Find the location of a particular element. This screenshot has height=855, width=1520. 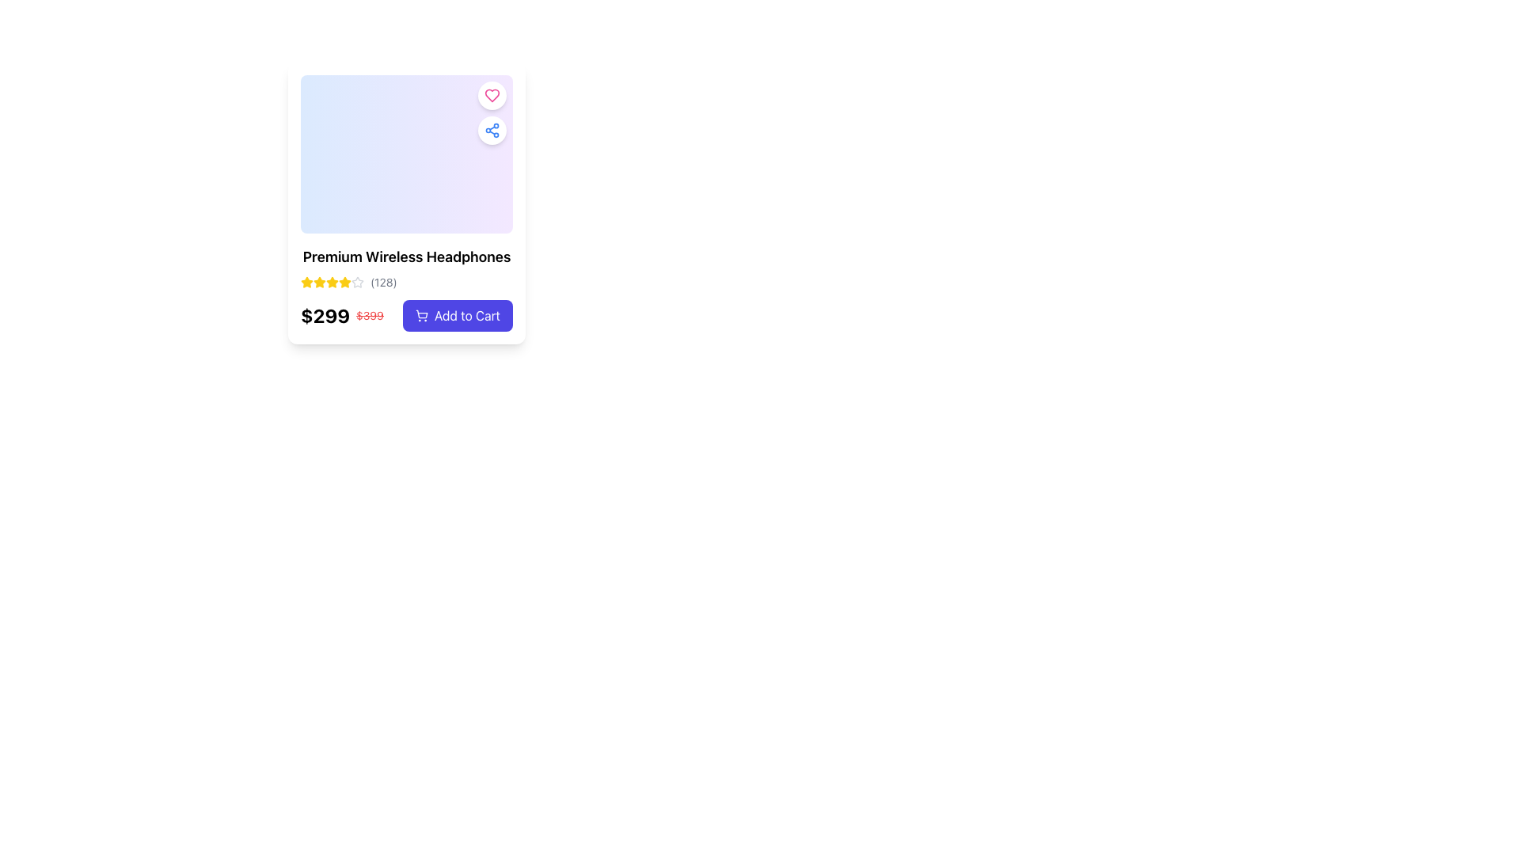

the second star in the 5-star rating system, which visually represents product ratings beneath the product title is located at coordinates (307, 281).